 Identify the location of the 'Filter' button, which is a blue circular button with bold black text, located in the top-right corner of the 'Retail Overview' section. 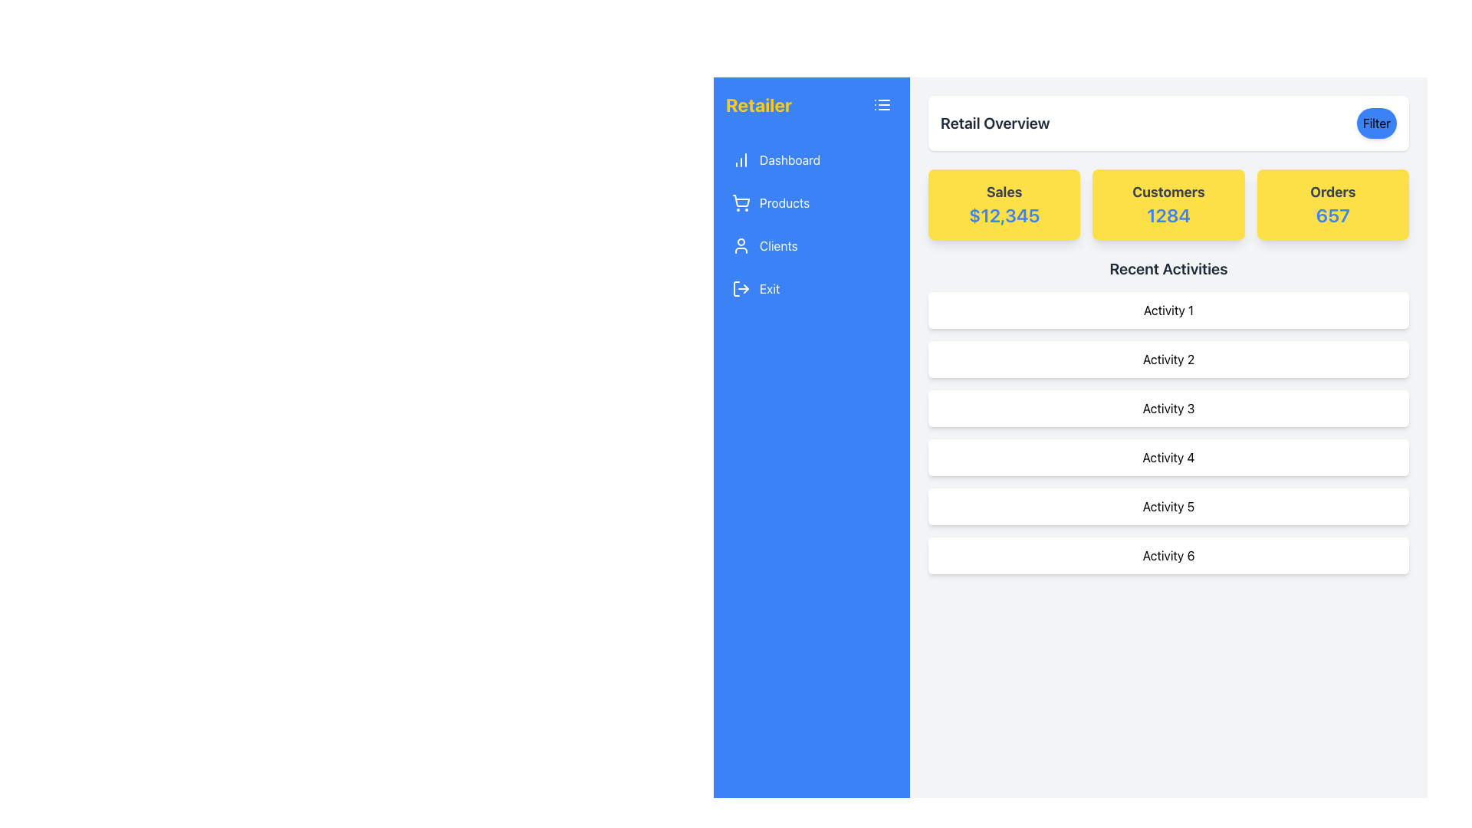
(1376, 123).